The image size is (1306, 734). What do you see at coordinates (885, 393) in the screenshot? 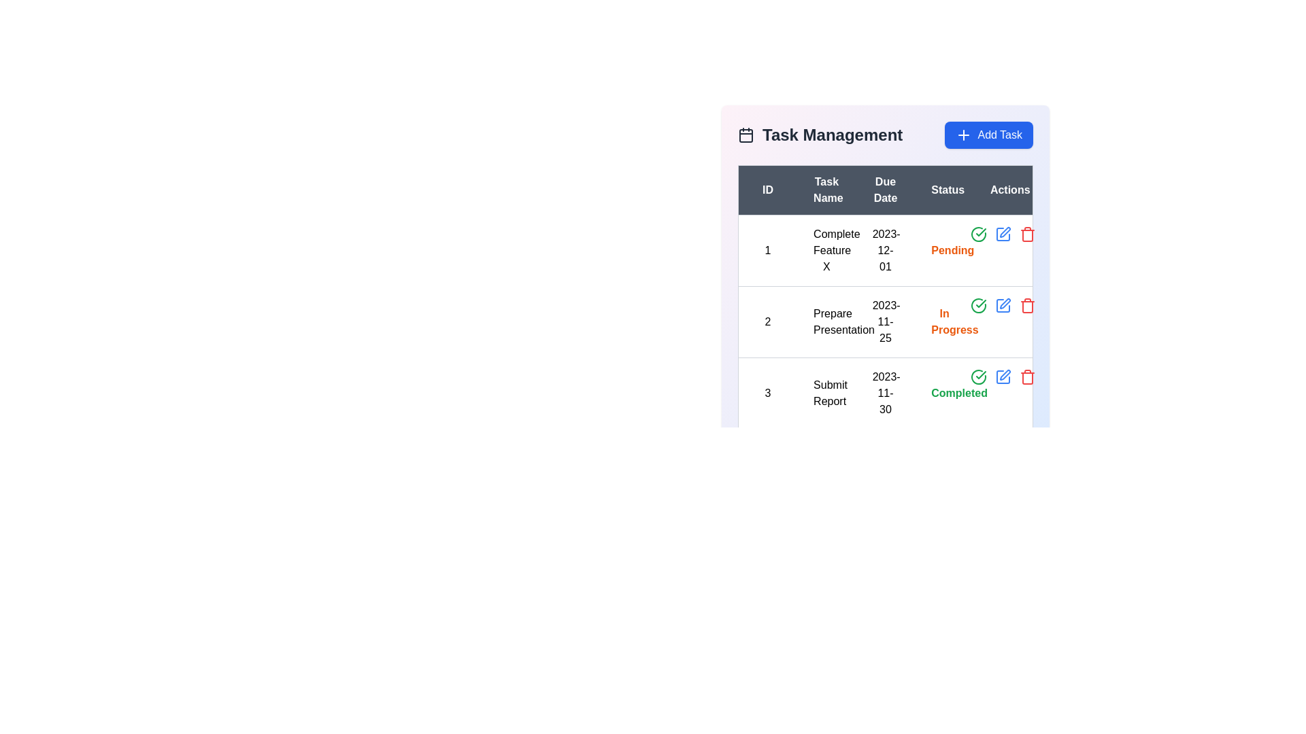
I see `the static text displaying the due date for the task labeled 'Submit Report', which is the third entry under the 'Due Date' column in the table` at bounding box center [885, 393].